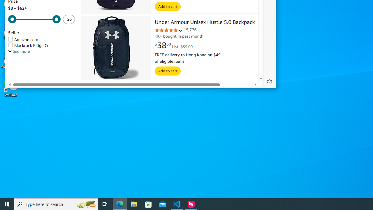 This screenshot has height=210, width=373. Describe the element at coordinates (19, 51) in the screenshot. I see `'See more, Seller'` at that location.